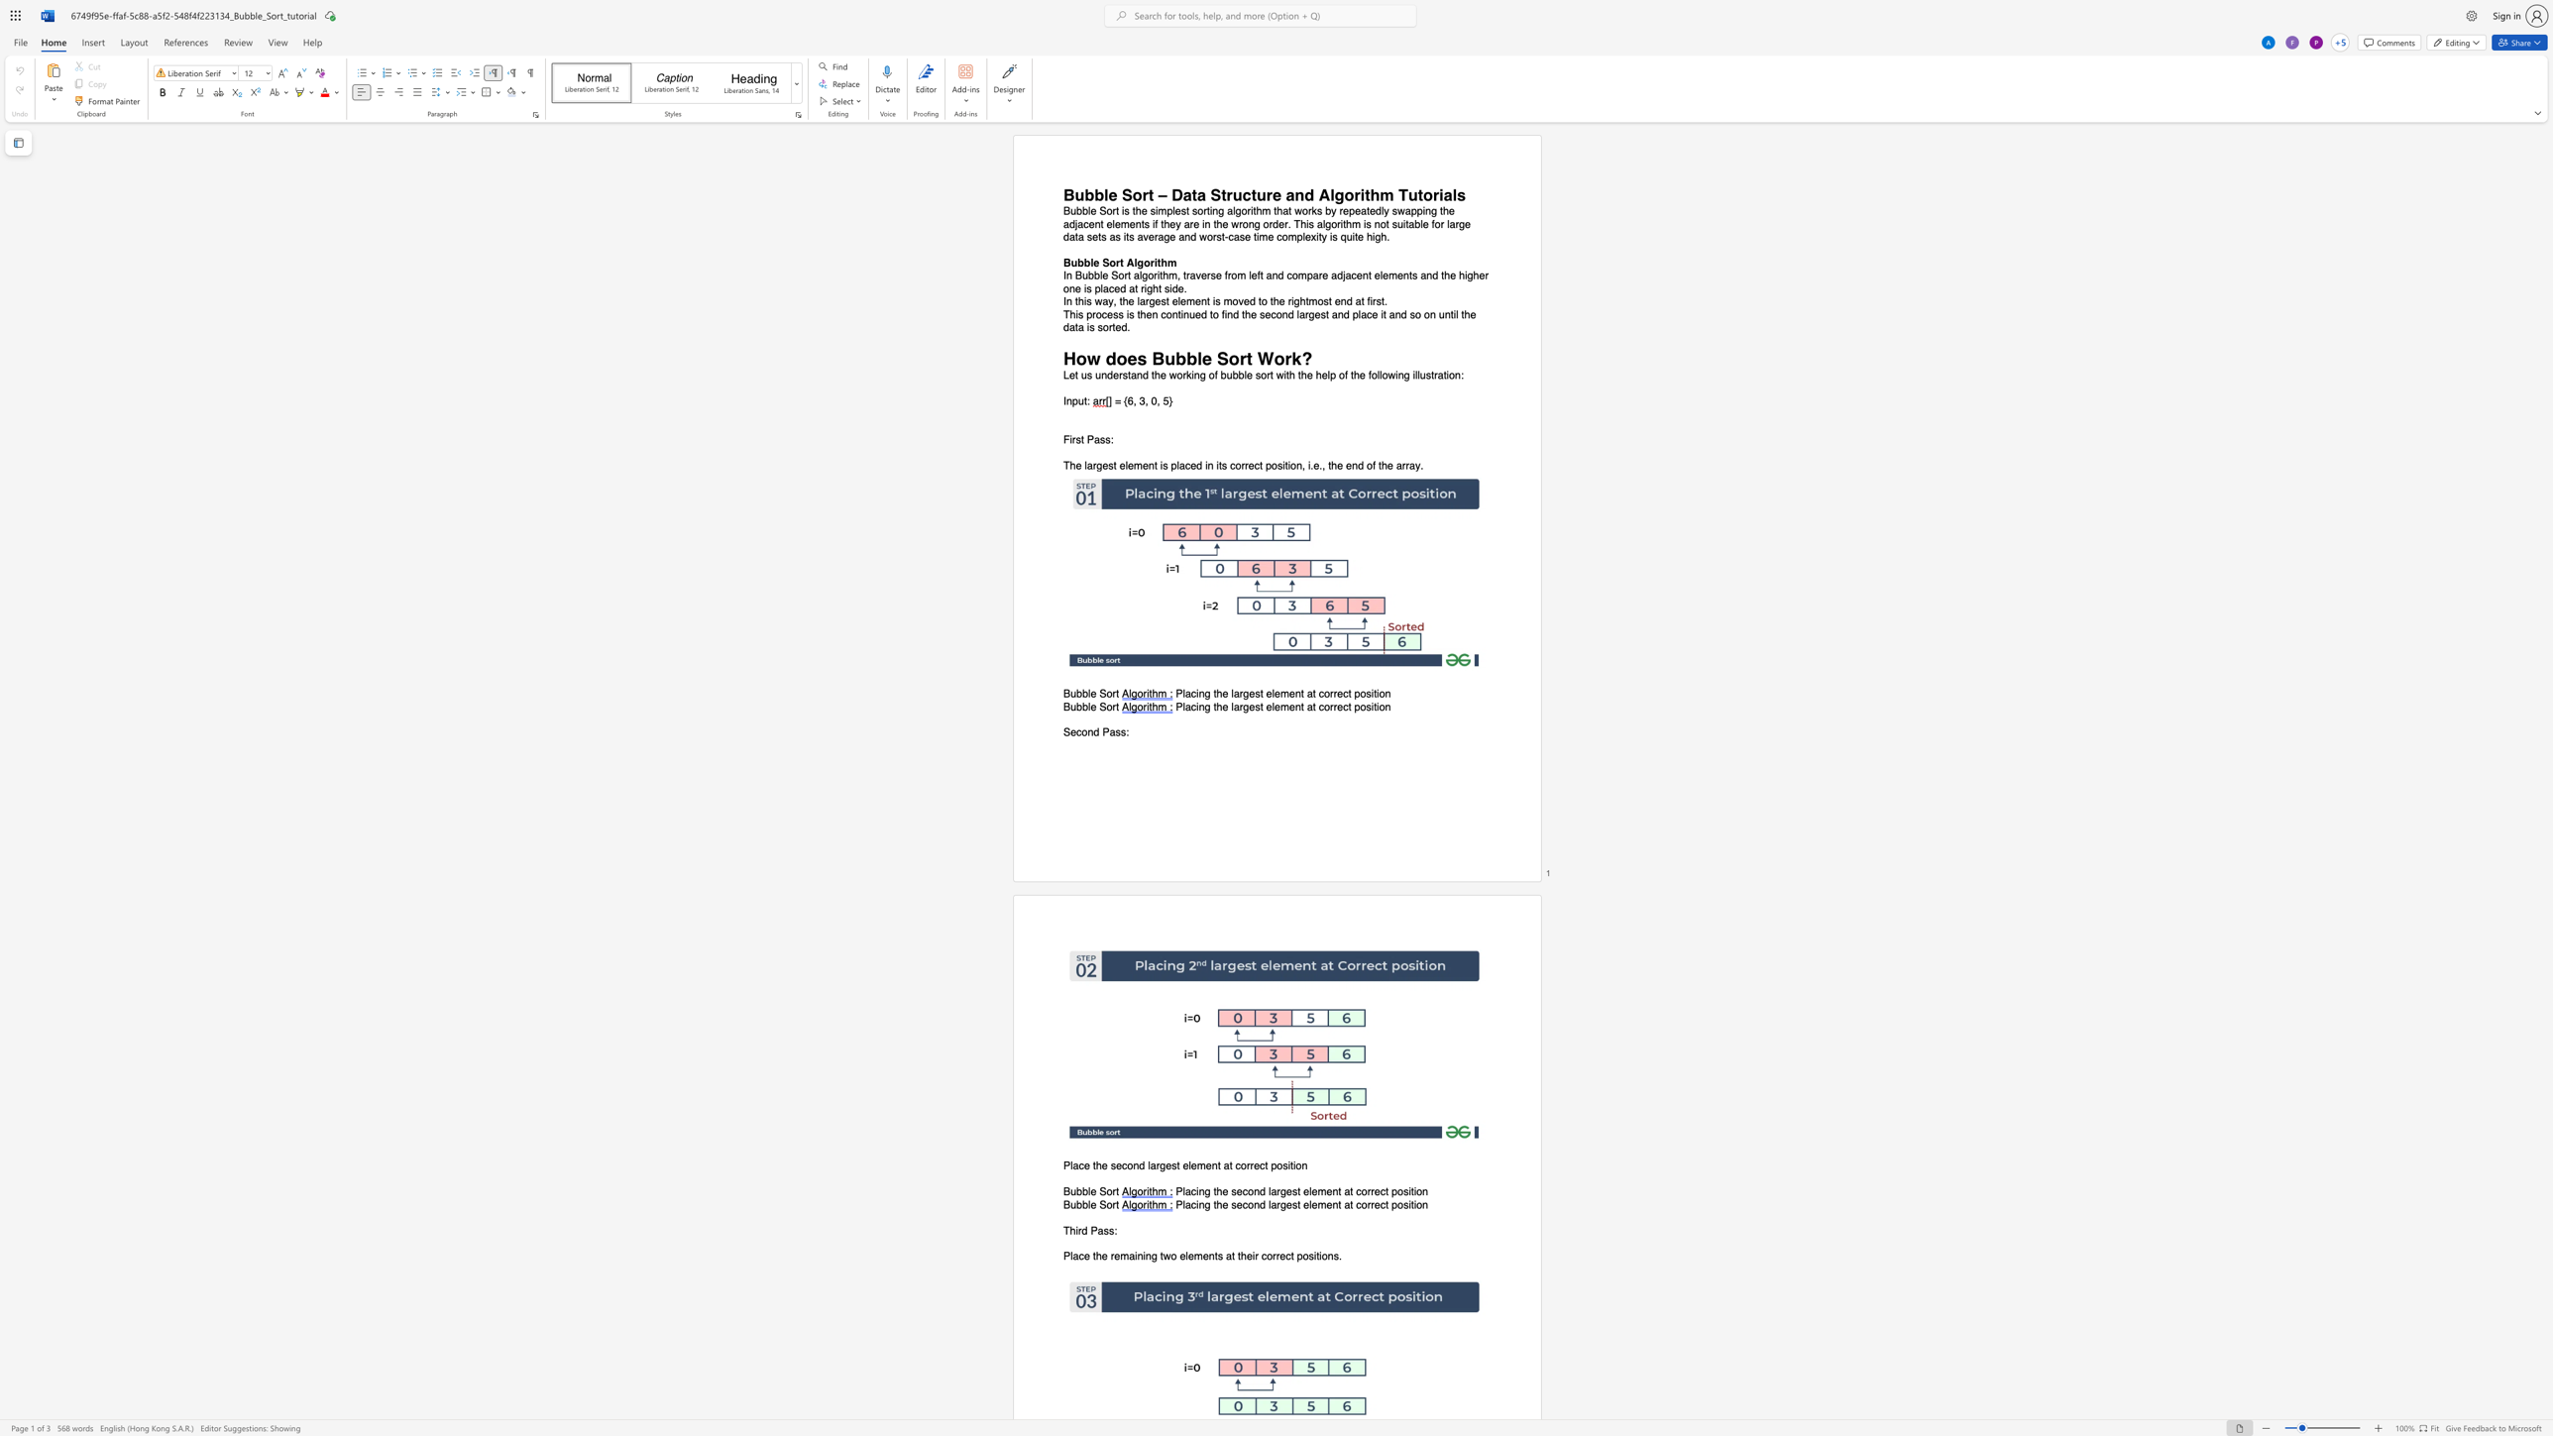 The width and height of the screenshot is (2553, 1436). I want to click on the 1th character "d" in the text, so click(1096, 731).